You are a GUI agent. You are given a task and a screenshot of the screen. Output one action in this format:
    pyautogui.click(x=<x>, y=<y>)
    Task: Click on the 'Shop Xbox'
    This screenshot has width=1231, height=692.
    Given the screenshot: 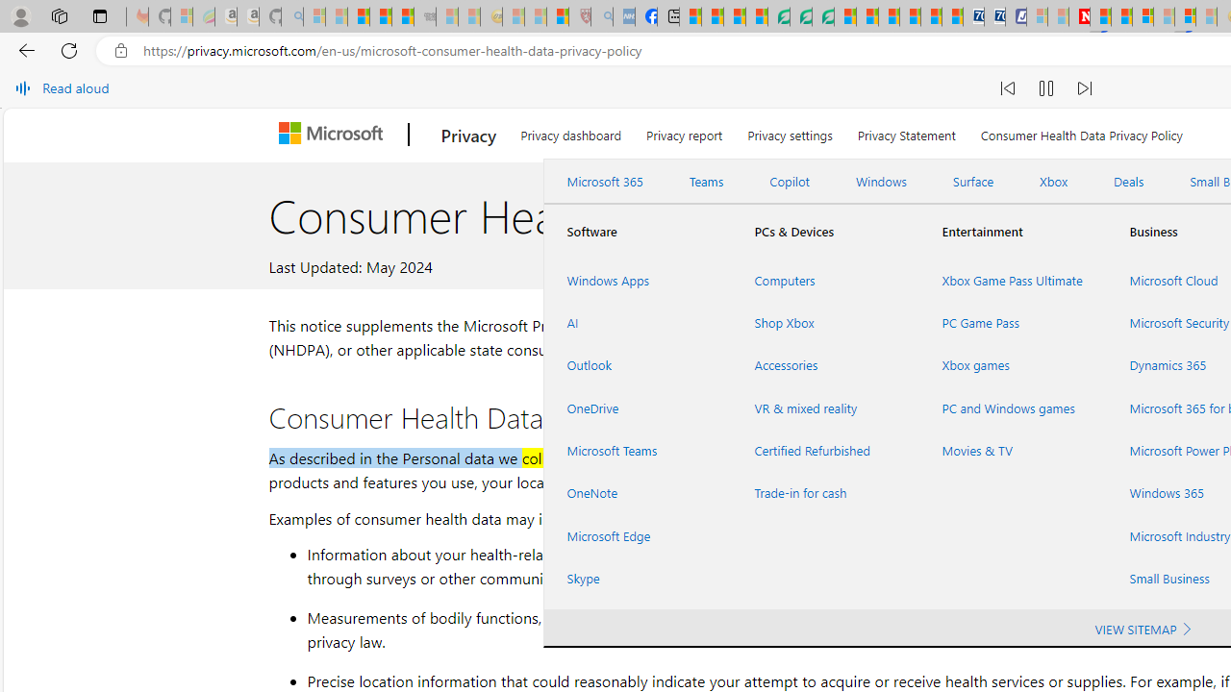 What is the action you would take?
    pyautogui.click(x=825, y=322)
    